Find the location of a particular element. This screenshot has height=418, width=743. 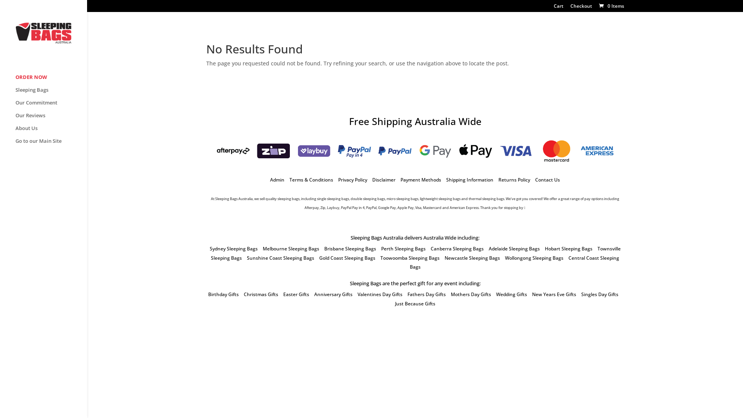

'Sleeping Bags' is located at coordinates (51, 93).